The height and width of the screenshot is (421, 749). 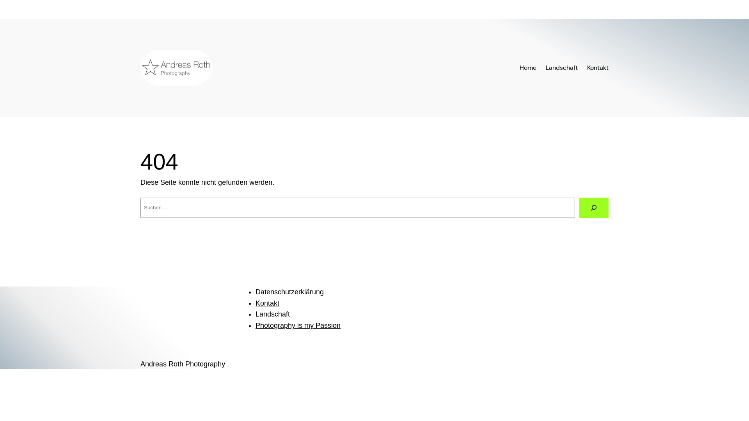 I want to click on 'Photography is my Passion', so click(x=297, y=325).